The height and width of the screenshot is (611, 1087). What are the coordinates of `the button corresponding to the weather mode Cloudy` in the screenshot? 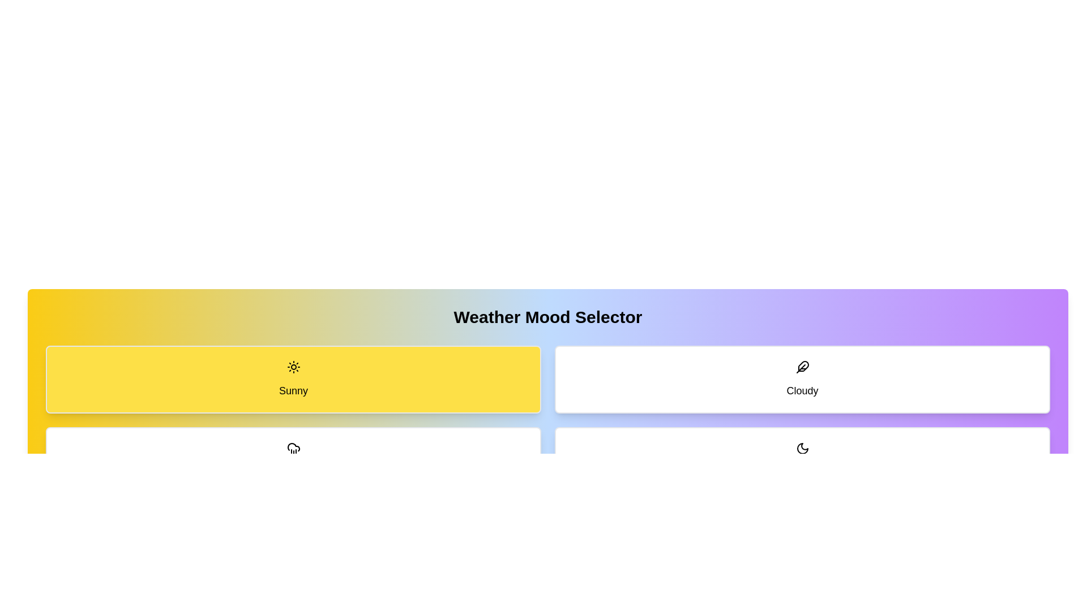 It's located at (802, 380).